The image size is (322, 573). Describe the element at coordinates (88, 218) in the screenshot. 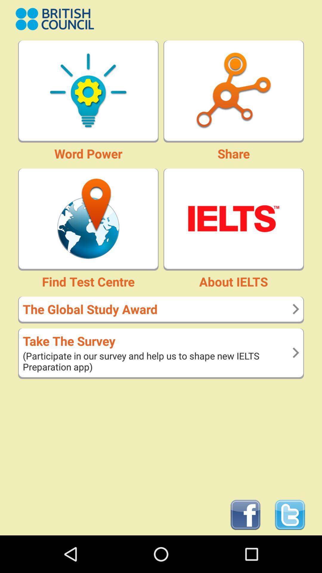

I see `map` at that location.